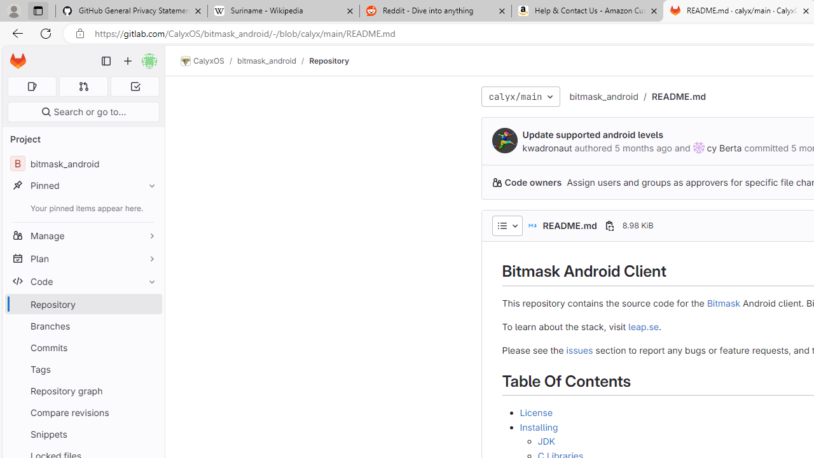 Image resolution: width=814 pixels, height=458 pixels. Describe the element at coordinates (83, 163) in the screenshot. I see `'B bitmask_android'` at that location.